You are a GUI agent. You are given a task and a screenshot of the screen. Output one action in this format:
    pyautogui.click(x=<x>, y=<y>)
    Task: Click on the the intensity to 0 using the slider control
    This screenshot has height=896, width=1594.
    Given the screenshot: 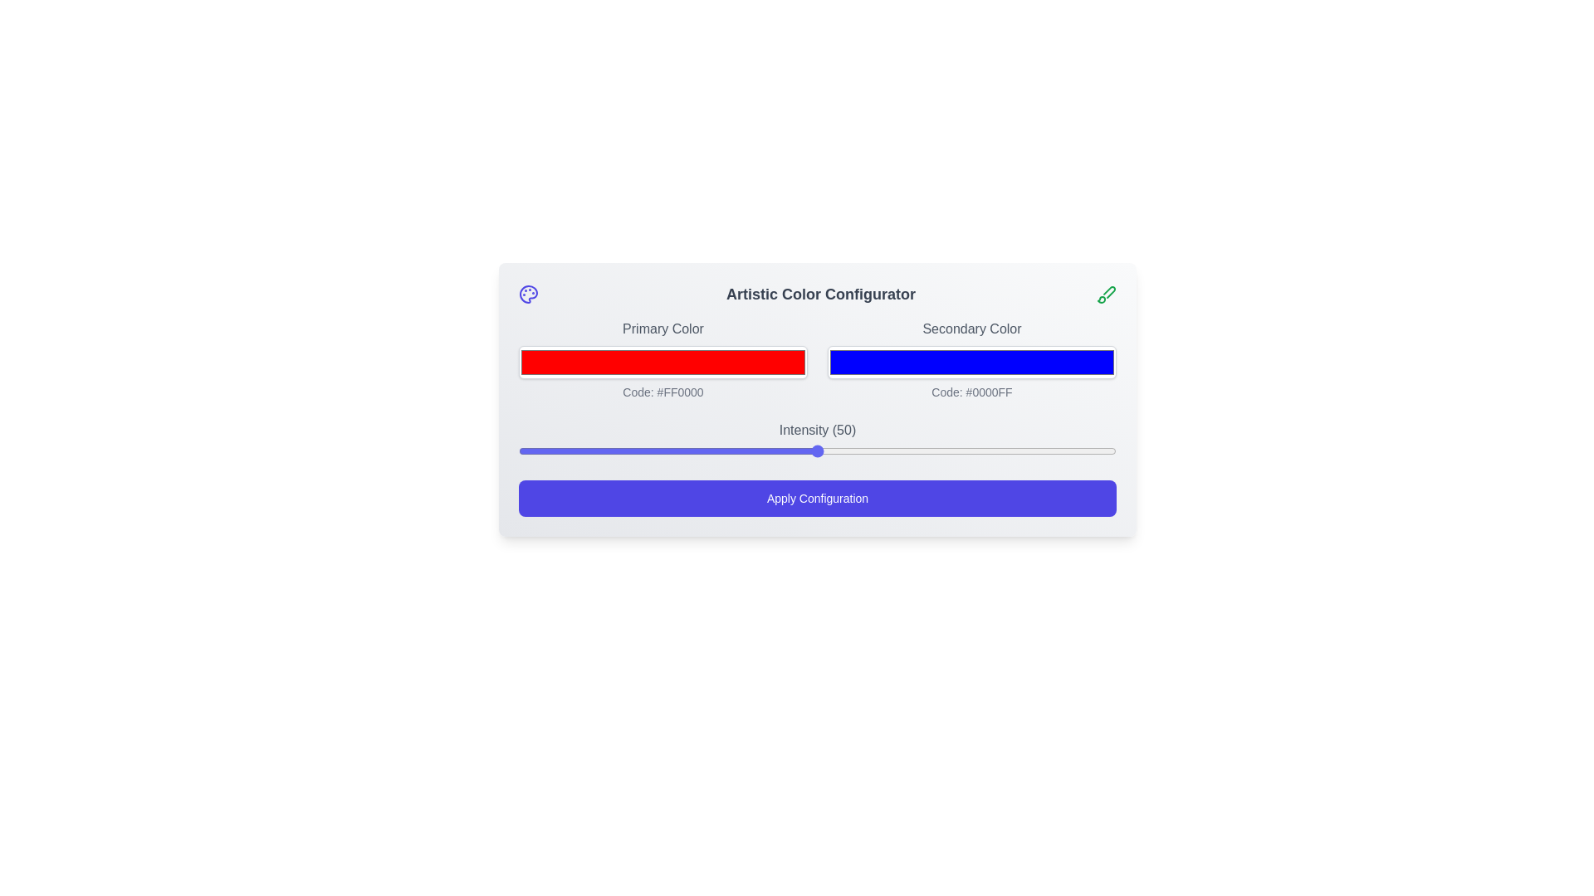 What is the action you would take?
    pyautogui.click(x=517, y=450)
    